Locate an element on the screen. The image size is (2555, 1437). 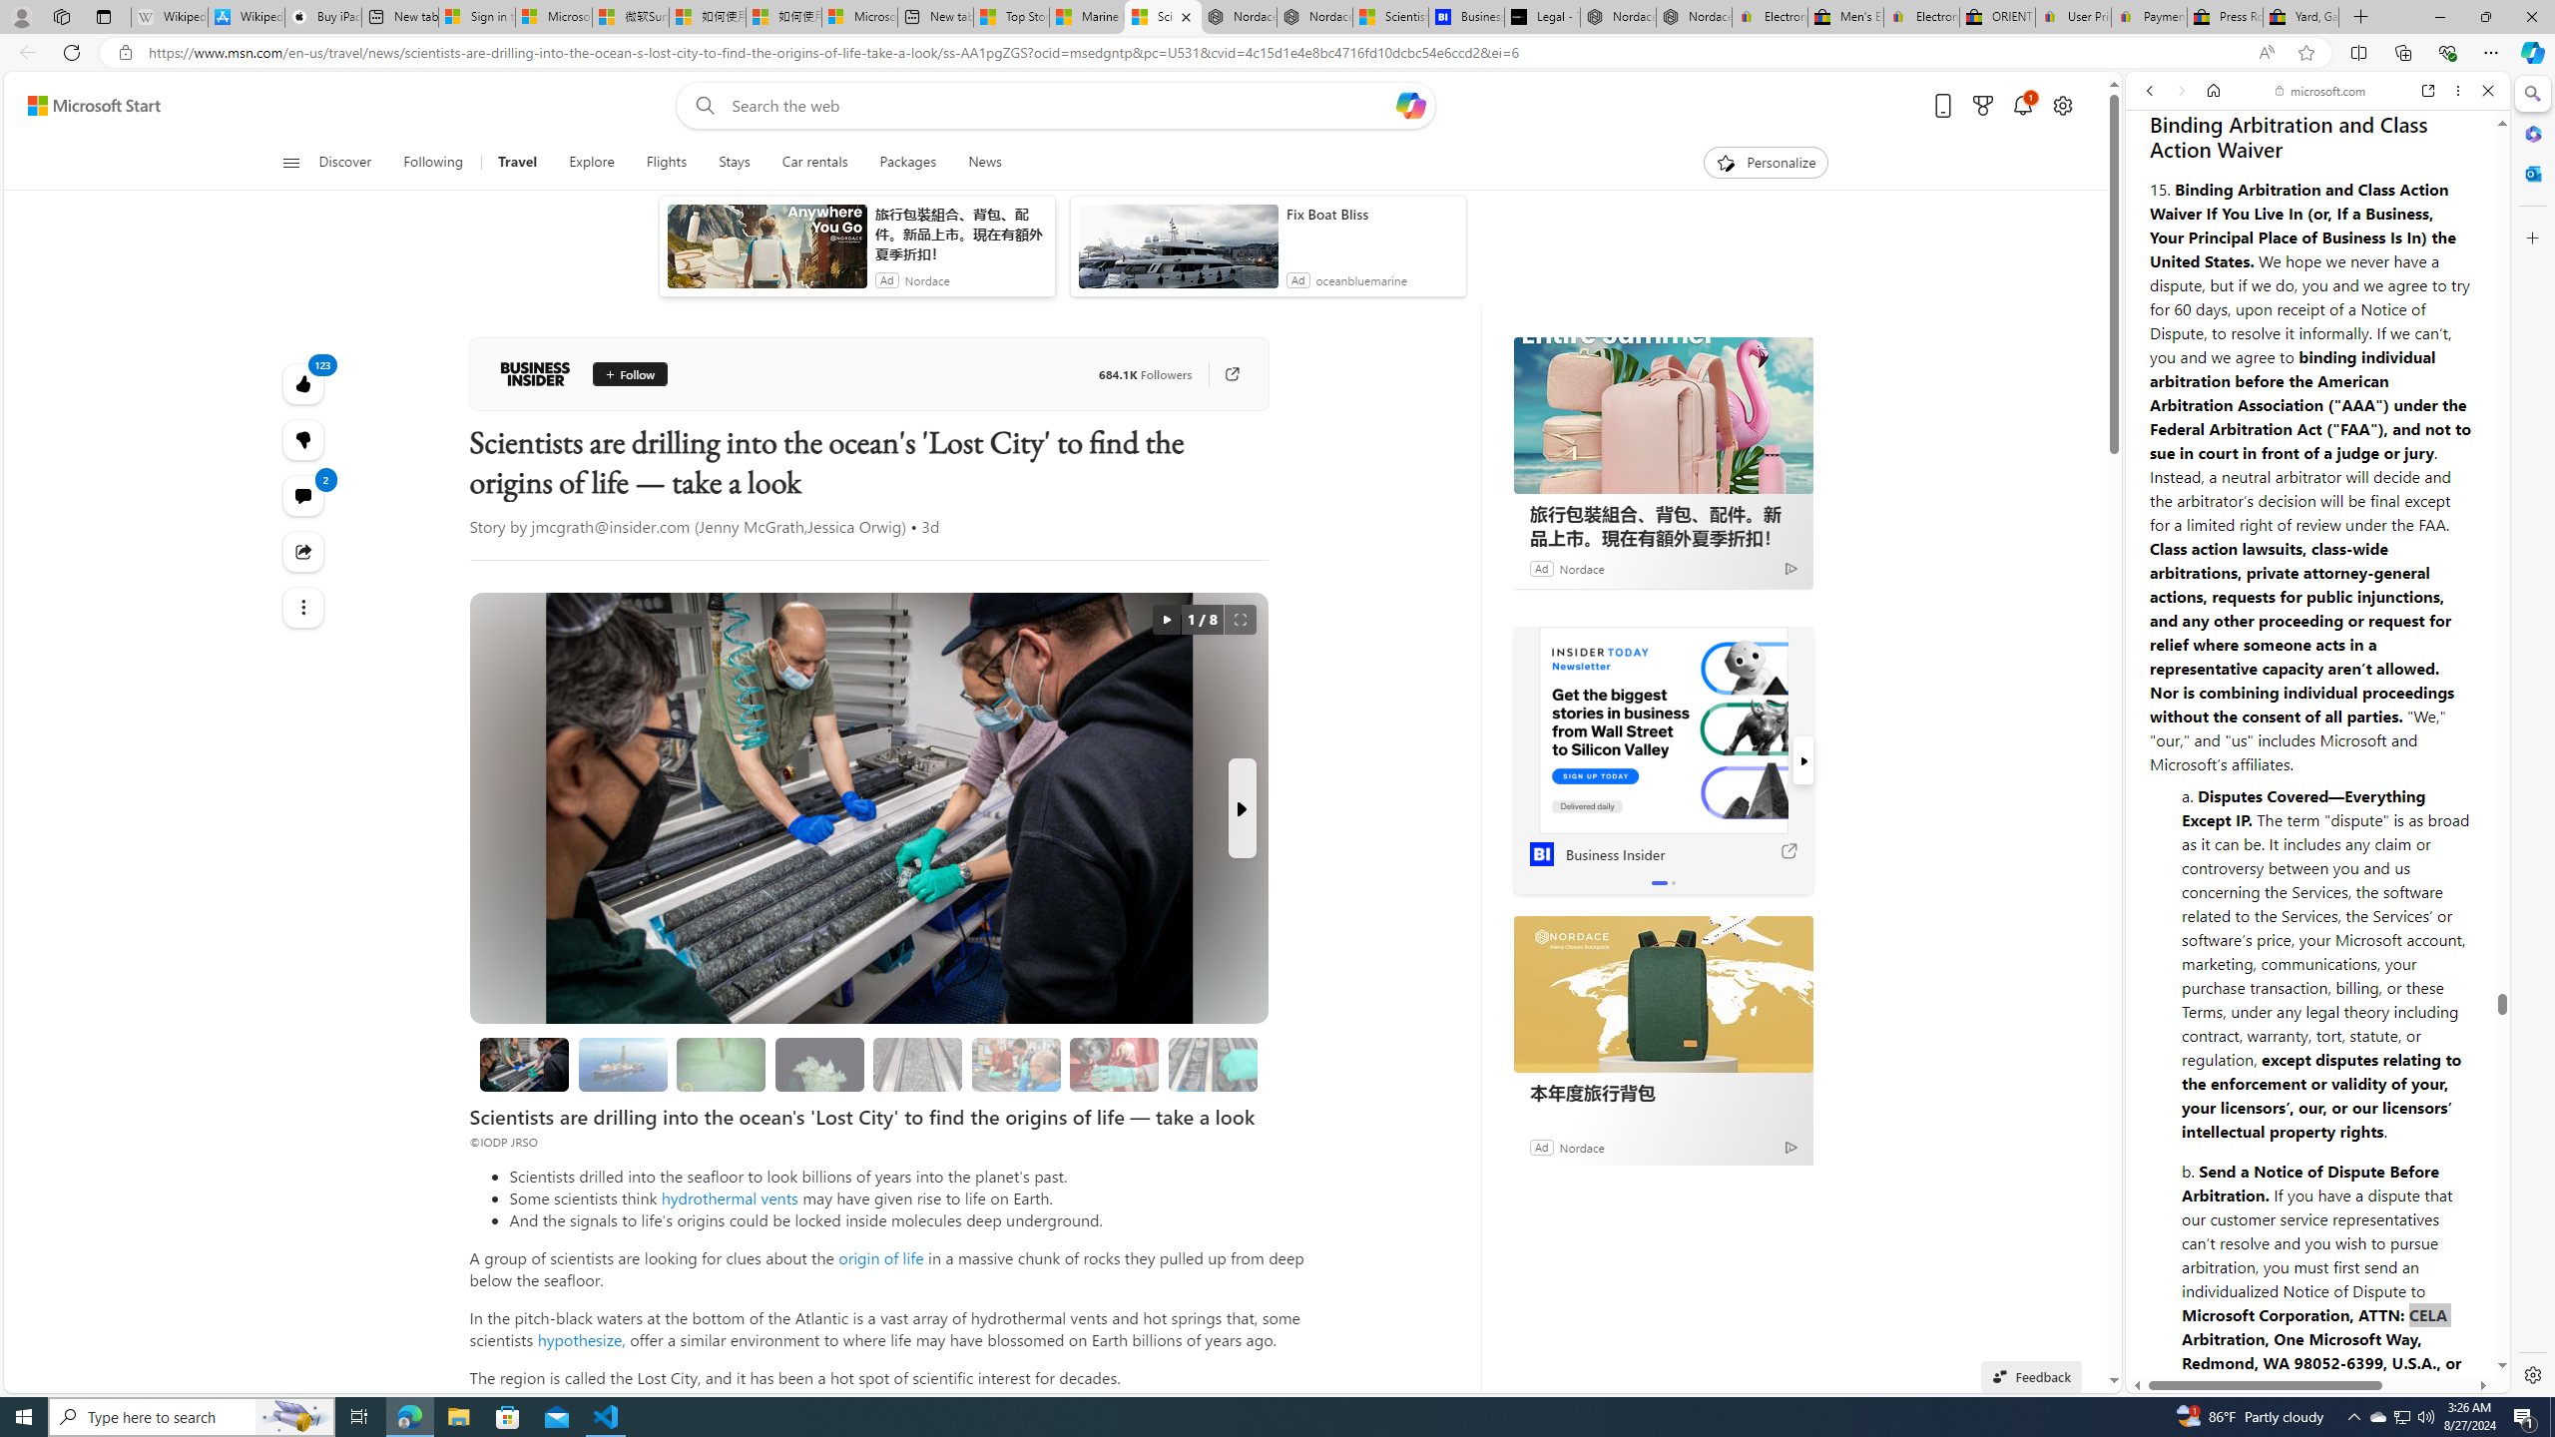
'Flights' is located at coordinates (664, 162).